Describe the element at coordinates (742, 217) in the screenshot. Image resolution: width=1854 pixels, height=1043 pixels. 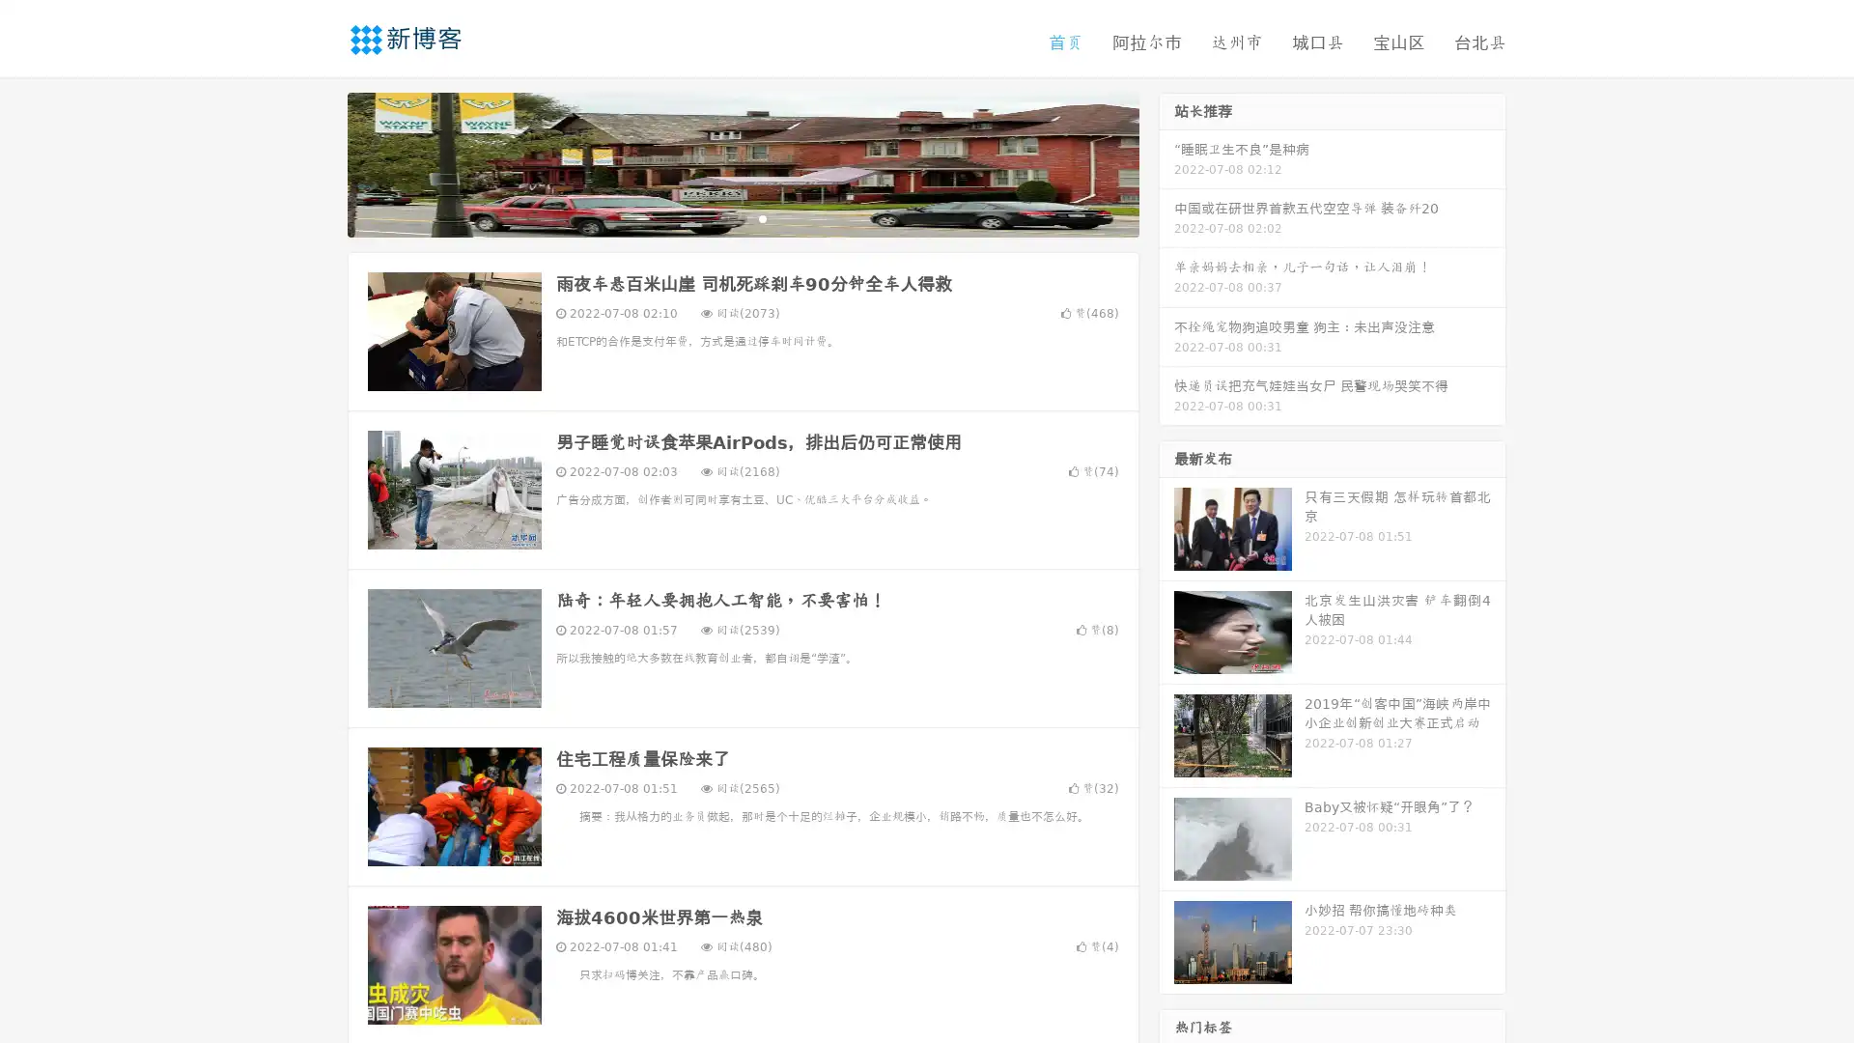
I see `Go to slide 2` at that location.